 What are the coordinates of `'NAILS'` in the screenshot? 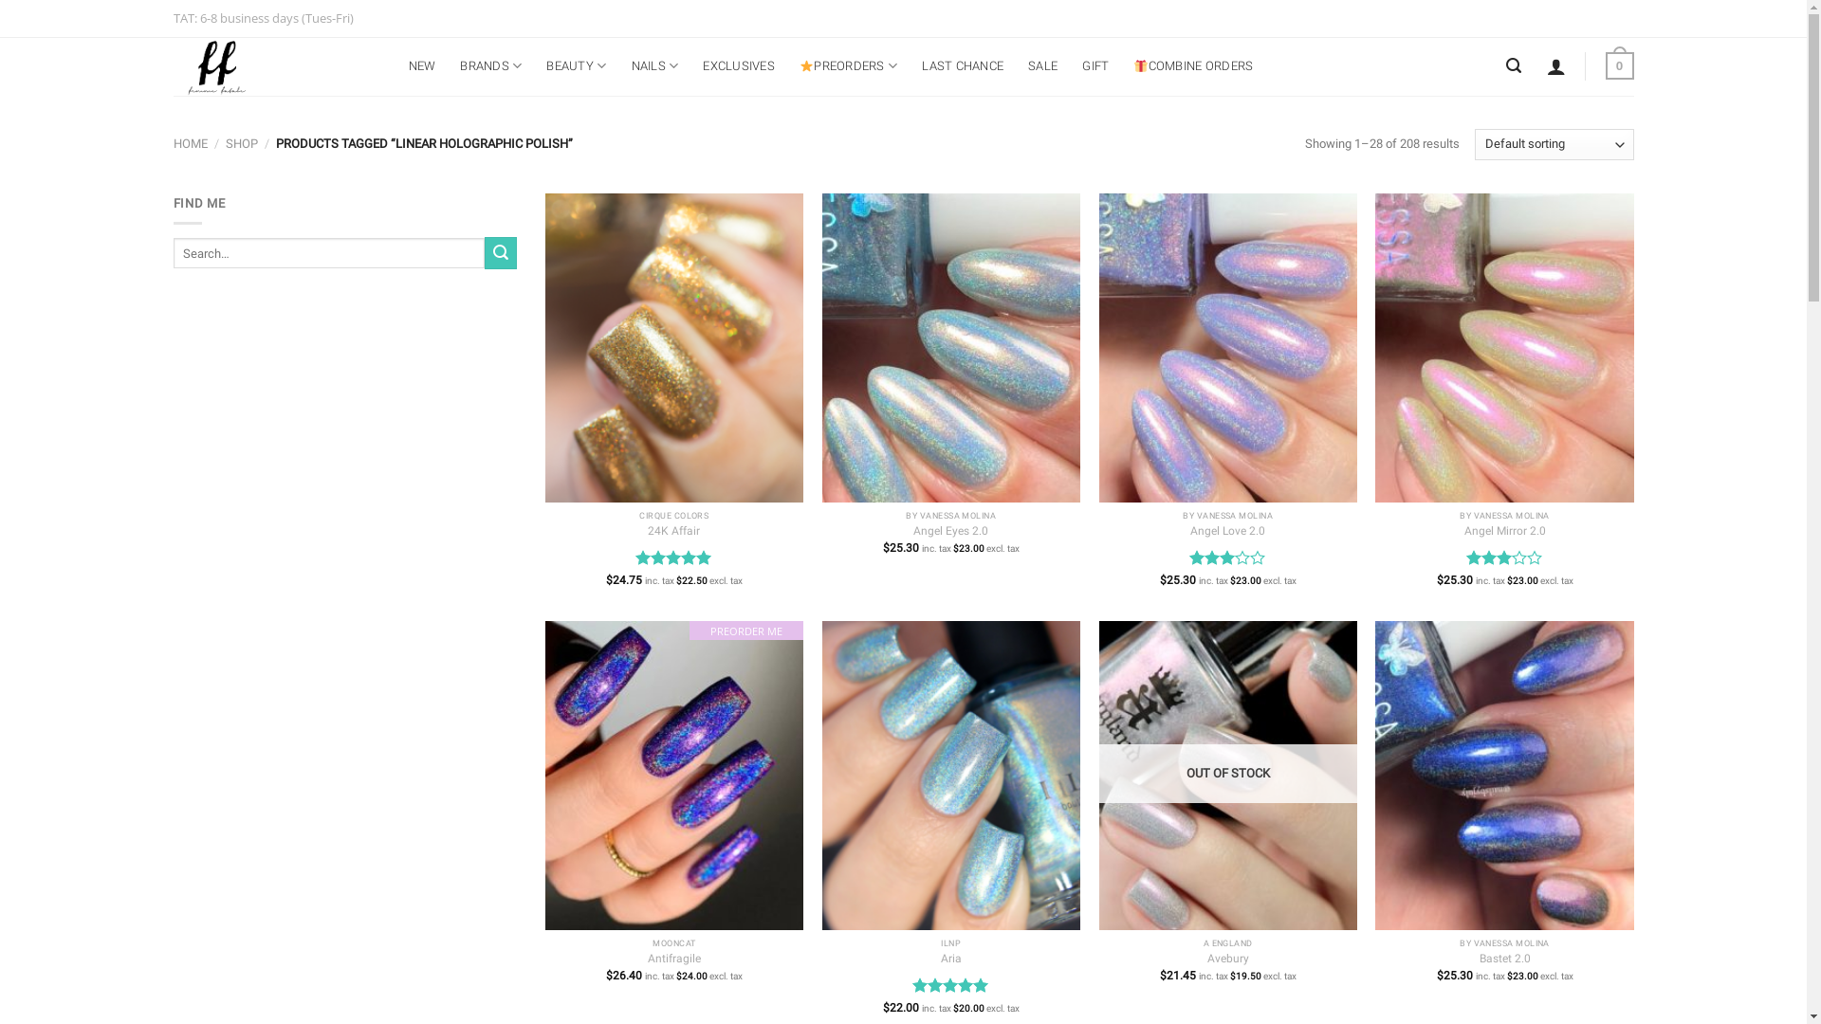 It's located at (655, 64).